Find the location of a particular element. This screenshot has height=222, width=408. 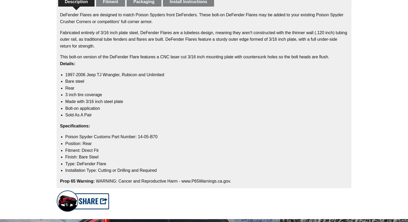

'WARNING:  Cancer and Reproductive Harm - www.P65Warnings.ca.gov.' is located at coordinates (163, 180).